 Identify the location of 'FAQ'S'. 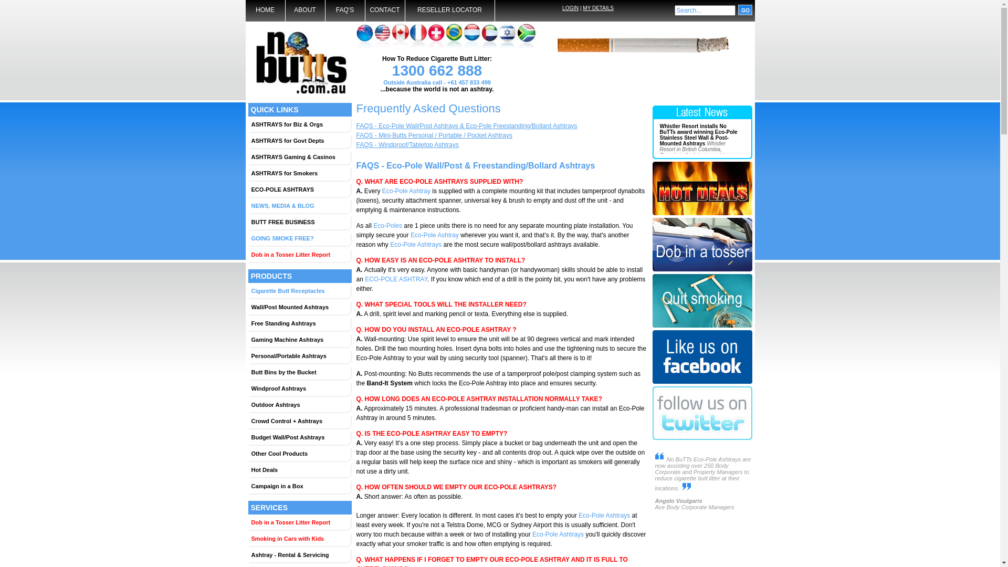
(345, 10).